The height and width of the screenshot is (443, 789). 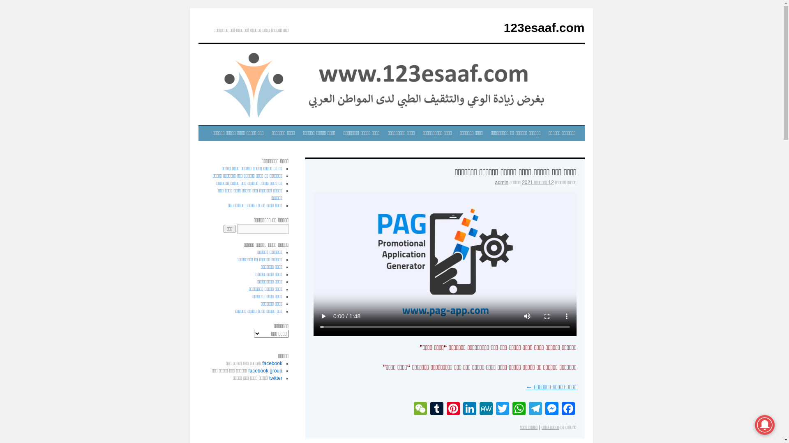 I want to click on 'Pinterest', so click(x=452, y=409).